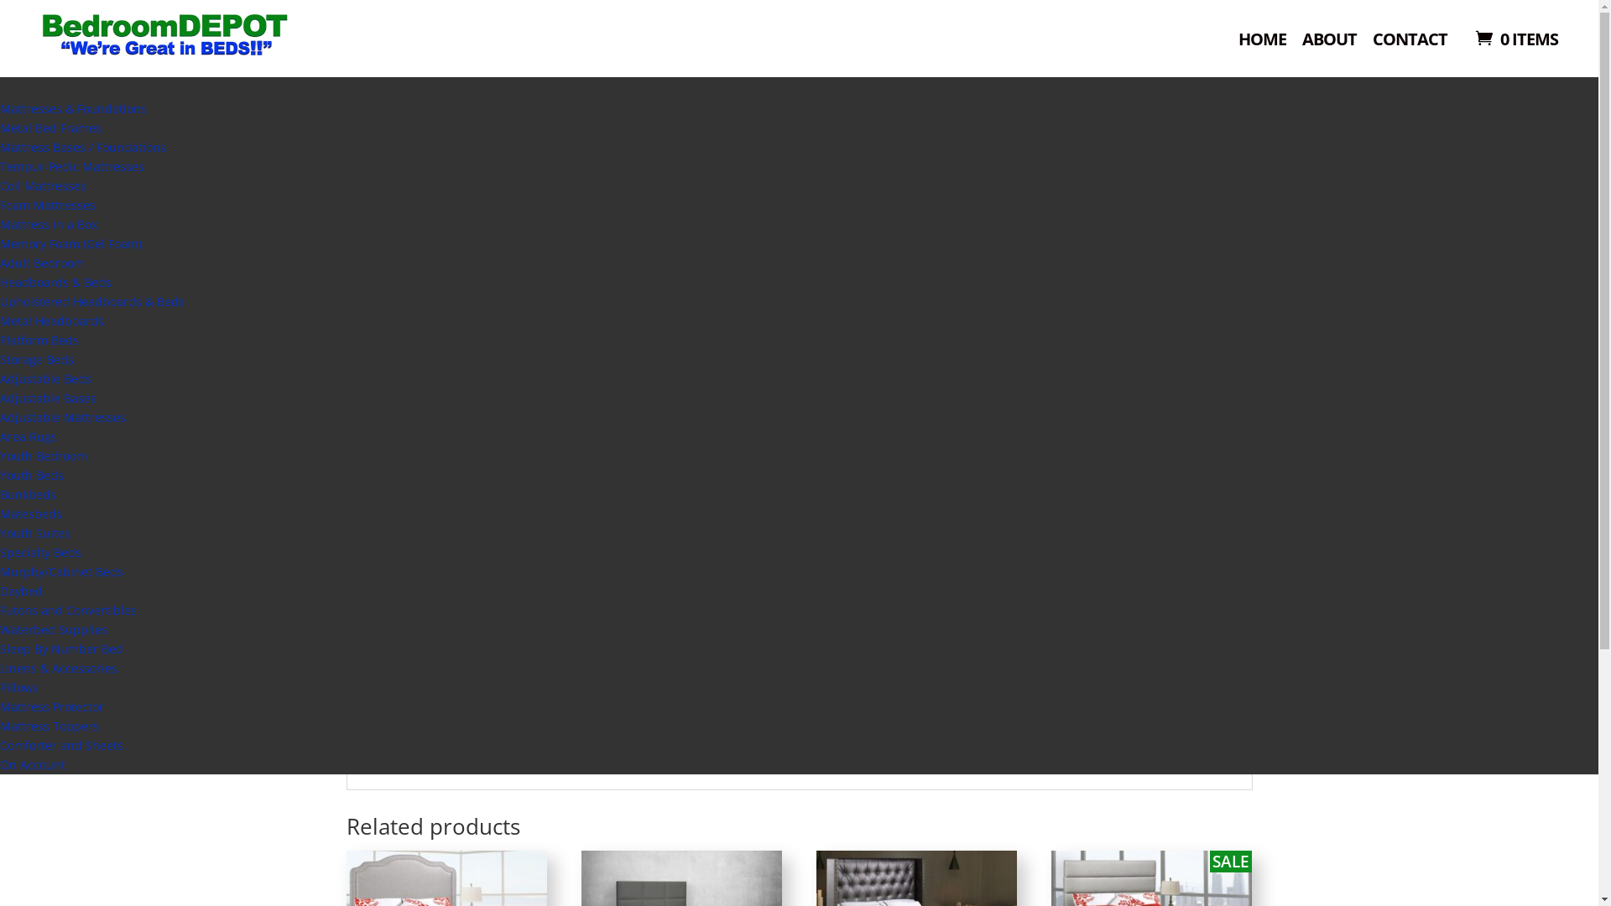 Image resolution: width=1611 pixels, height=906 pixels. I want to click on 'Home', so click(360, 158).